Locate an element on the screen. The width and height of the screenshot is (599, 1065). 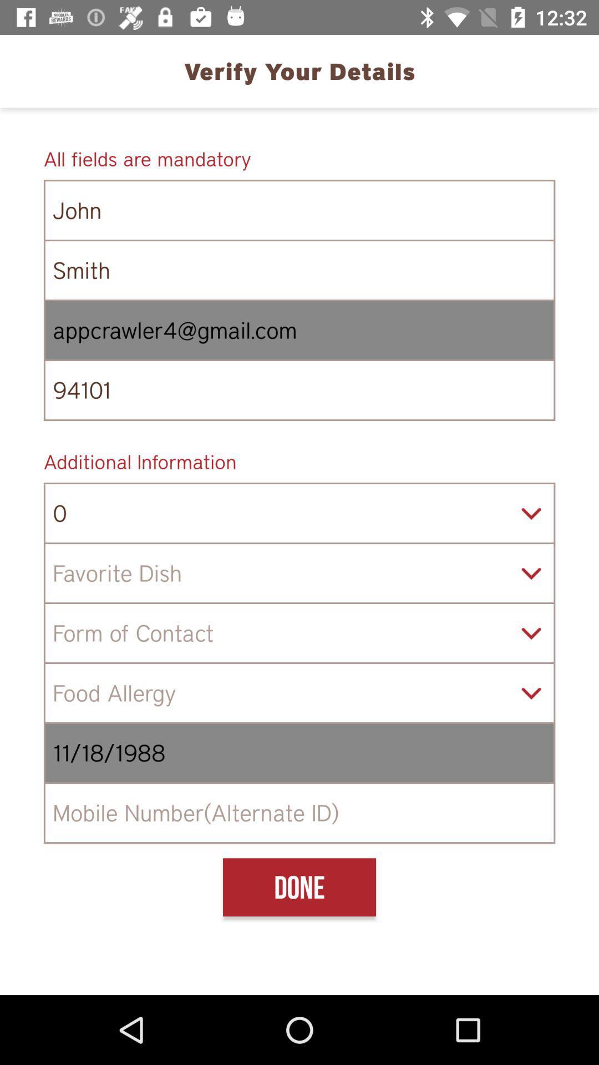
john item is located at coordinates (299, 210).